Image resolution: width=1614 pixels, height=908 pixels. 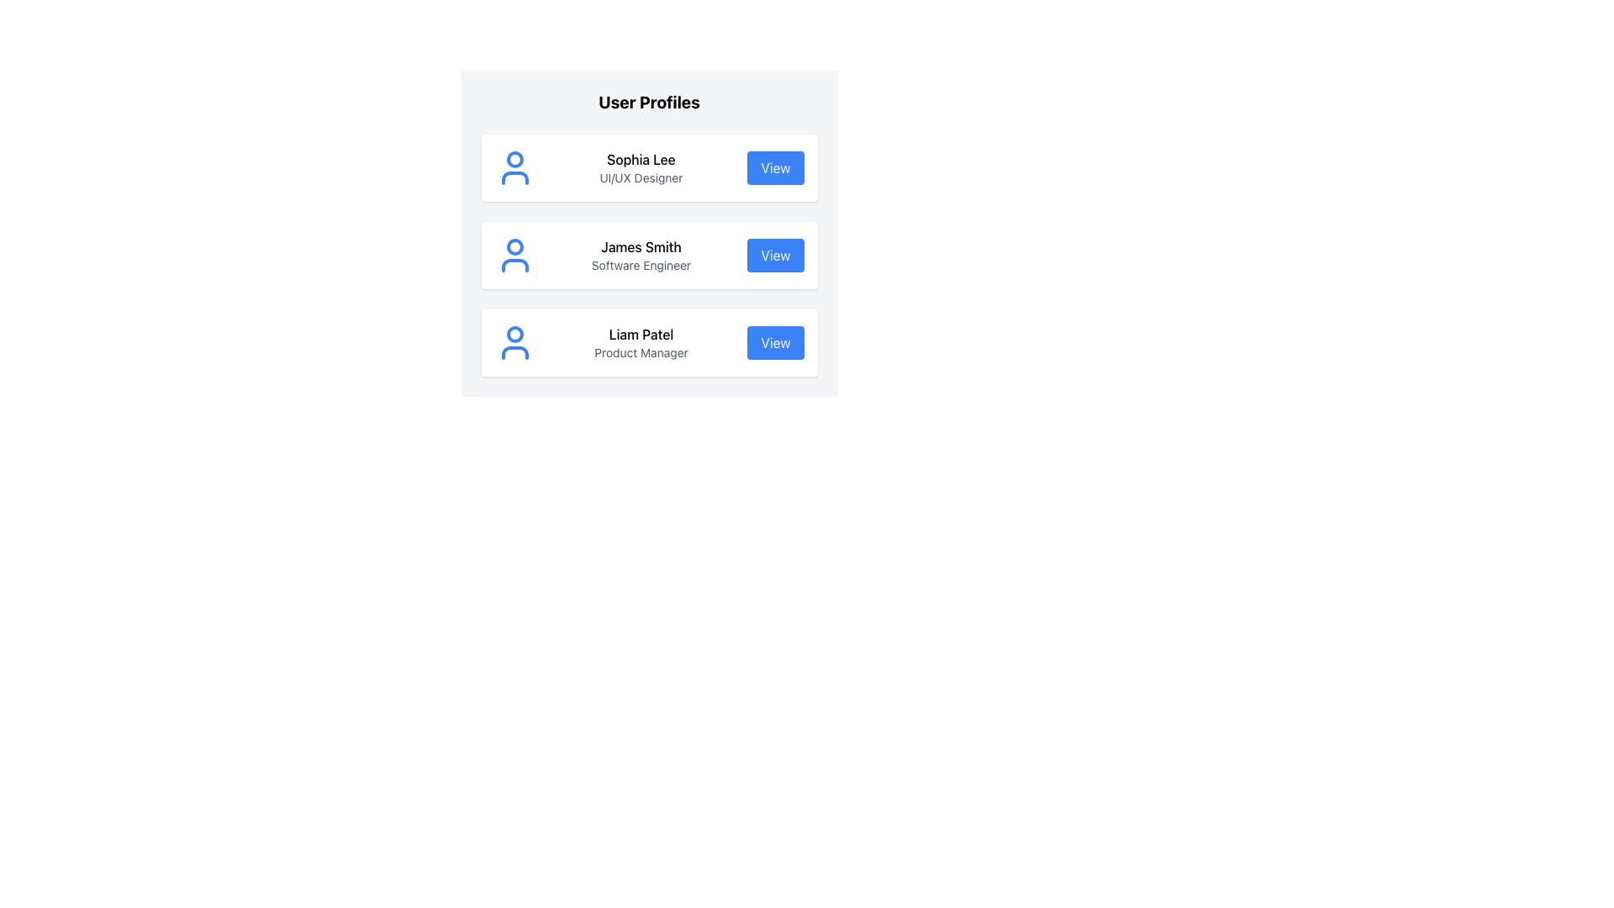 What do you see at coordinates (774, 168) in the screenshot?
I see `keyboard navigation` at bounding box center [774, 168].